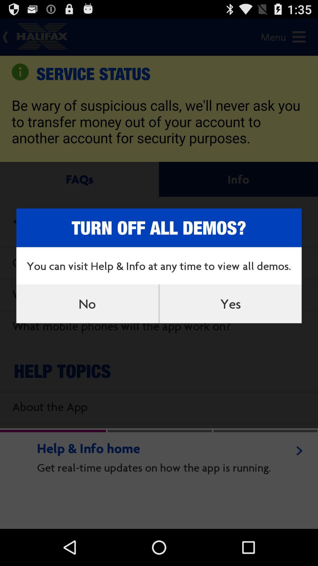 This screenshot has height=566, width=318. Describe the element at coordinates (87, 304) in the screenshot. I see `the no item` at that location.